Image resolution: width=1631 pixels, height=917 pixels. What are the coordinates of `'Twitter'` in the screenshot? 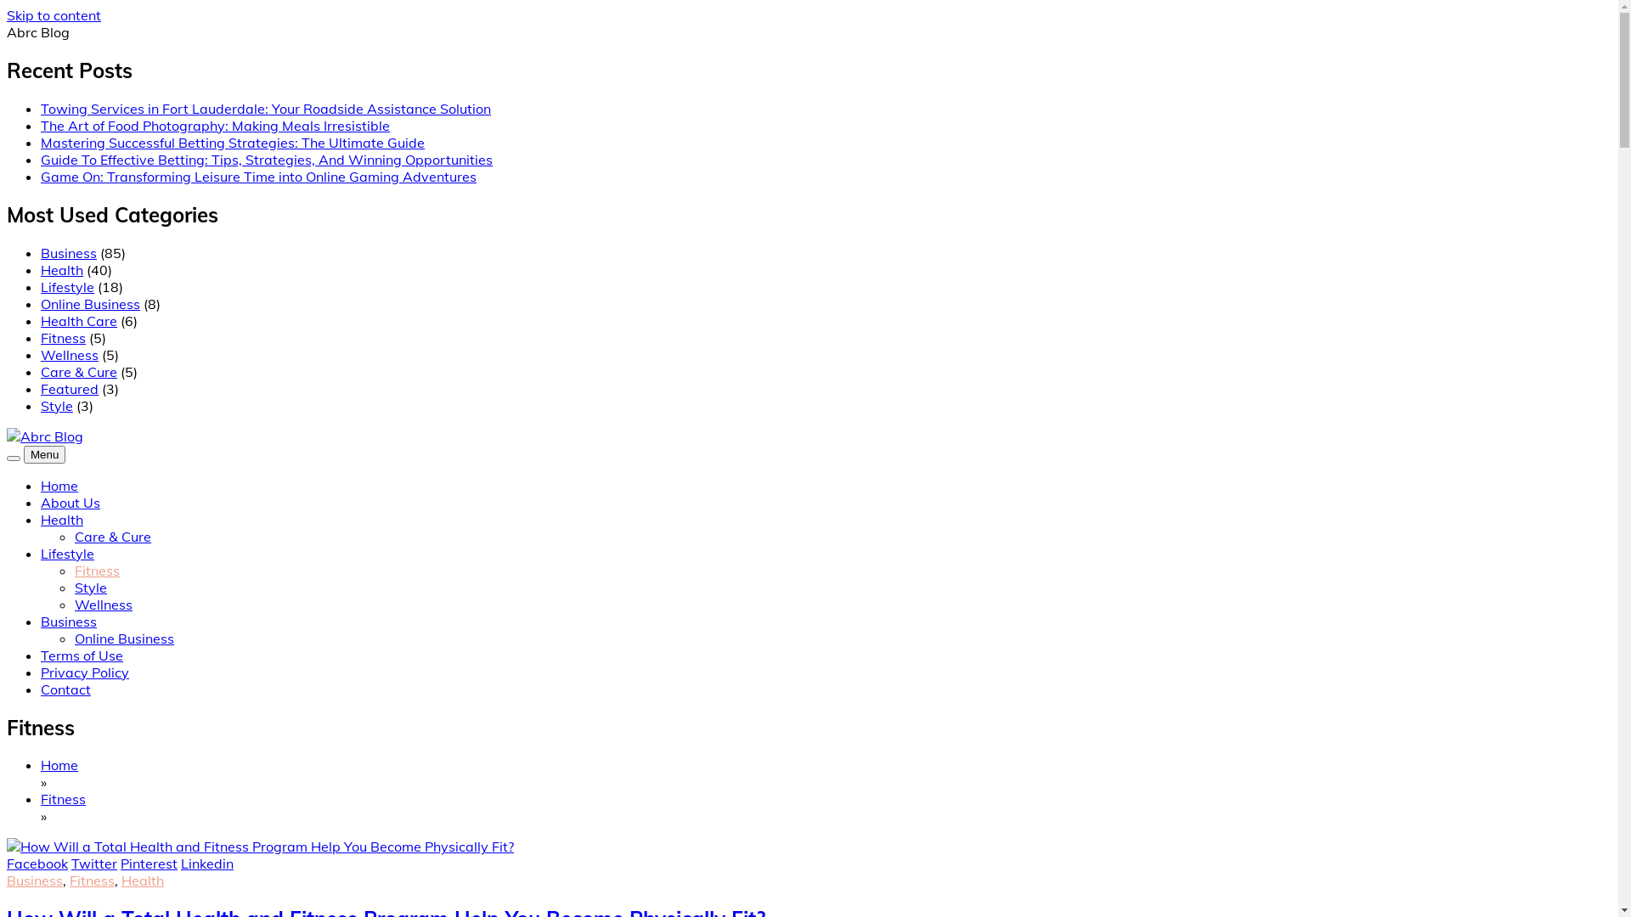 It's located at (70, 864).